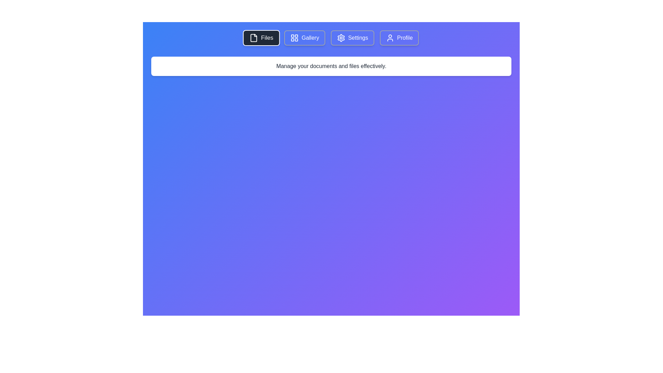 The image size is (663, 373). Describe the element at coordinates (331, 66) in the screenshot. I see `the Text Label located centrally at the top of the content area to potentially display additional information` at that location.